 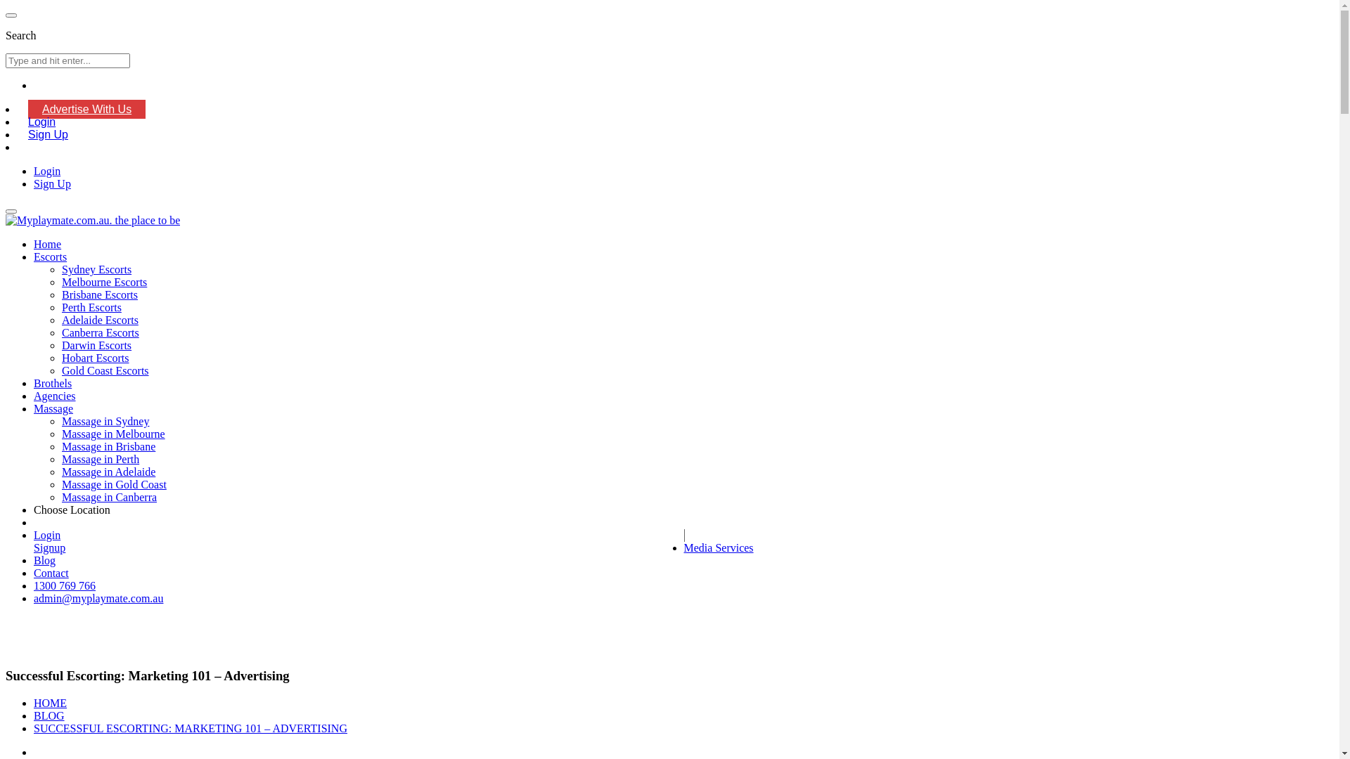 What do you see at coordinates (718, 547) in the screenshot?
I see `'Media Services'` at bounding box center [718, 547].